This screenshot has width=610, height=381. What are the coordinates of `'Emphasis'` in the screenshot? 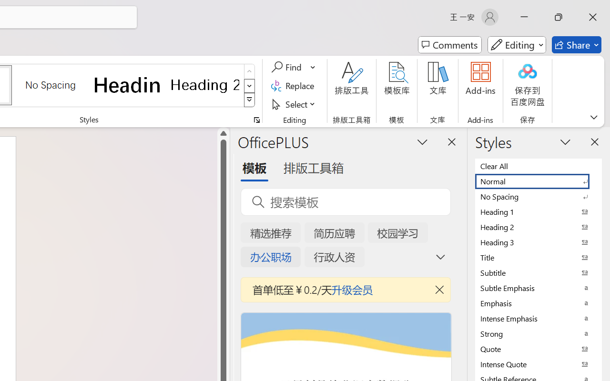 It's located at (539, 302).